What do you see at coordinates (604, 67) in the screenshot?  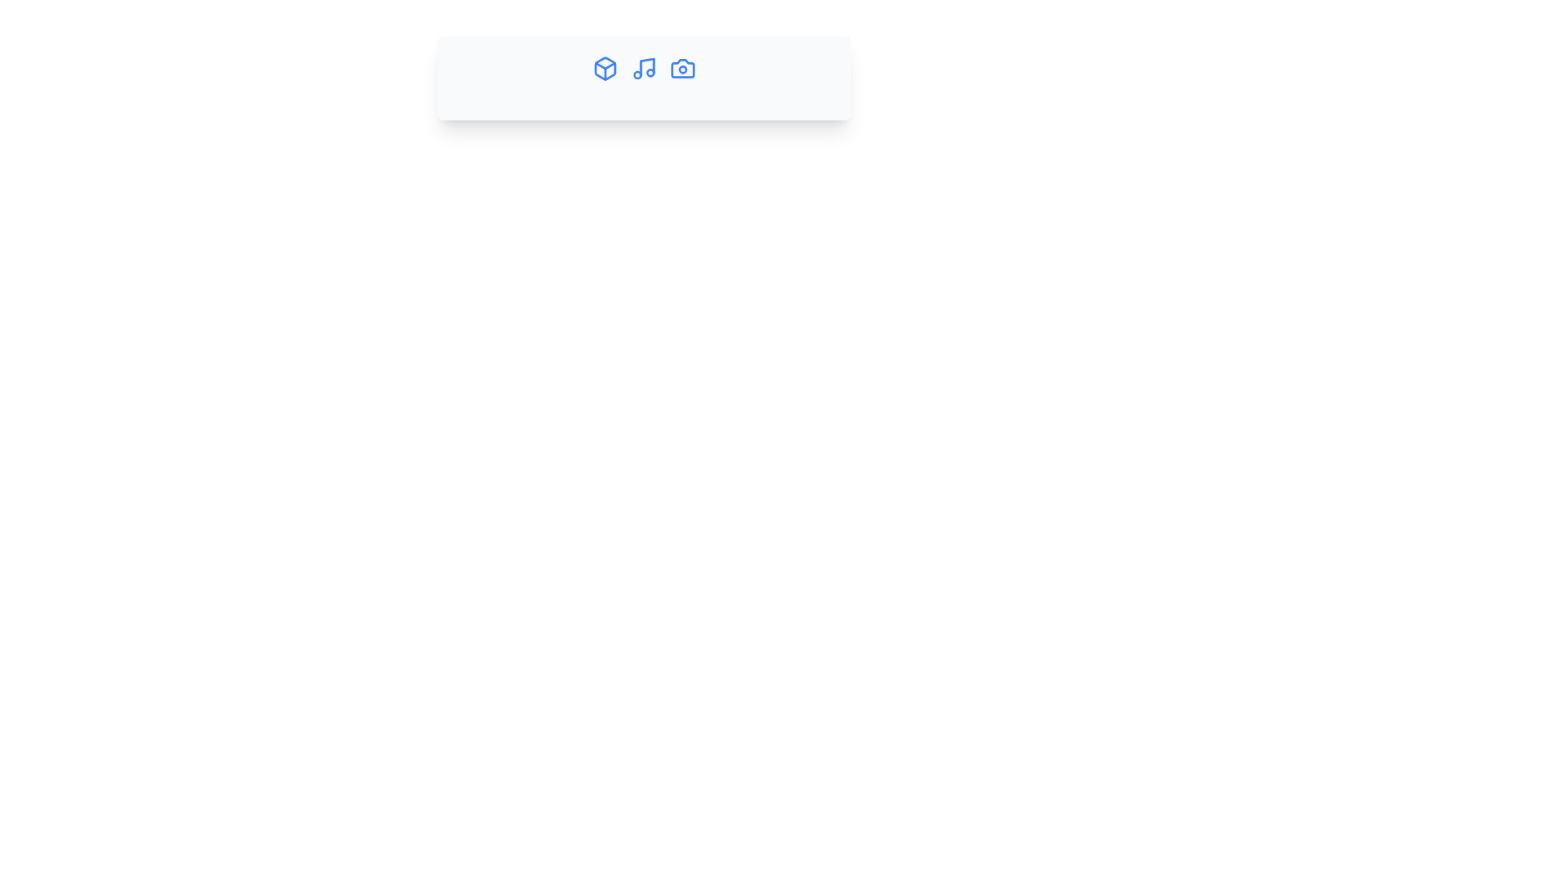 I see `the first icon from the left in the menu bar that represents a box or 3D object concept` at bounding box center [604, 67].